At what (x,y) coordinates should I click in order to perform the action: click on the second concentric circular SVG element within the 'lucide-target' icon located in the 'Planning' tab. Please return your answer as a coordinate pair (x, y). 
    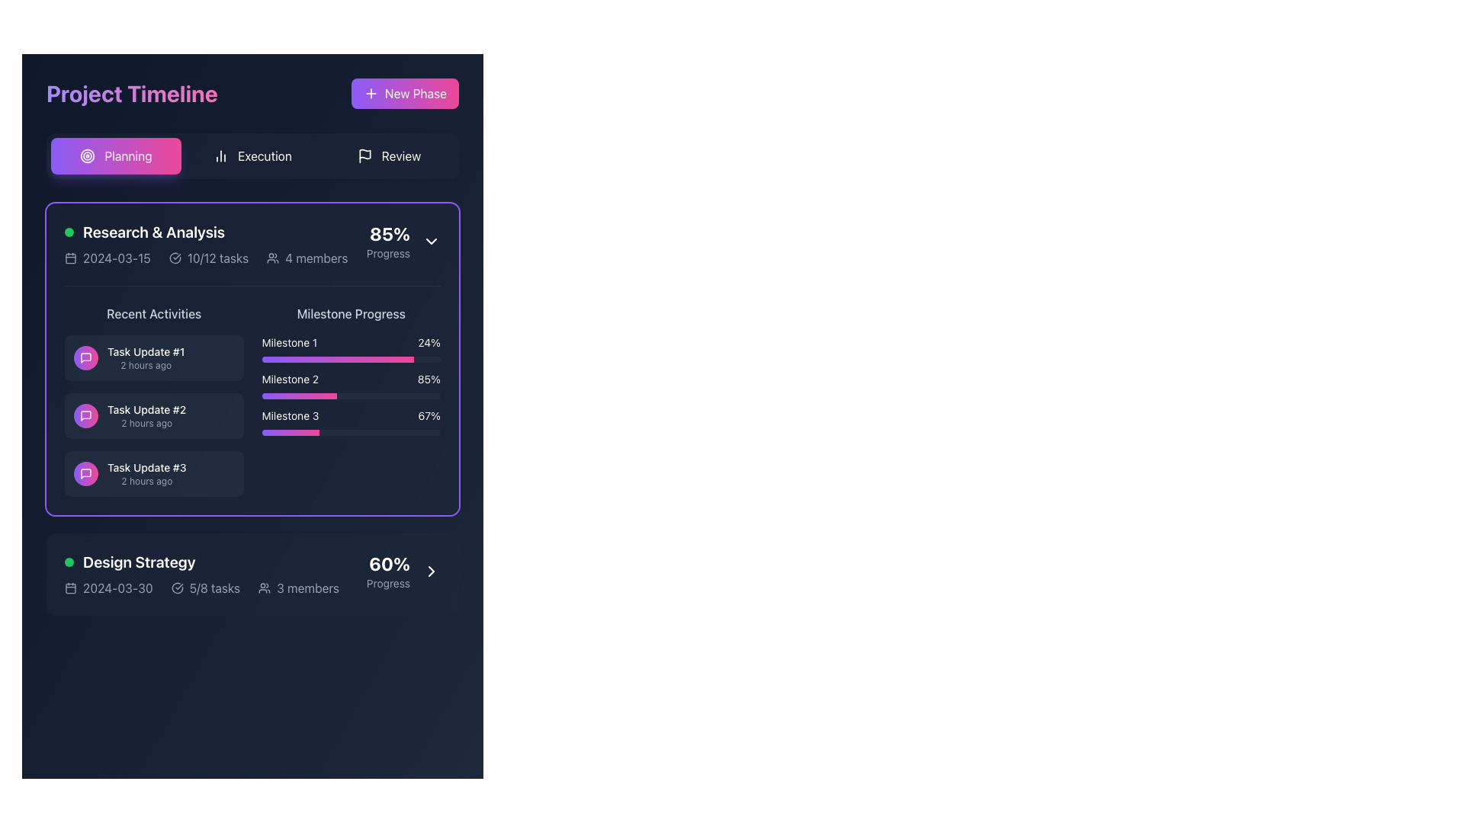
    Looking at the image, I should click on (87, 155).